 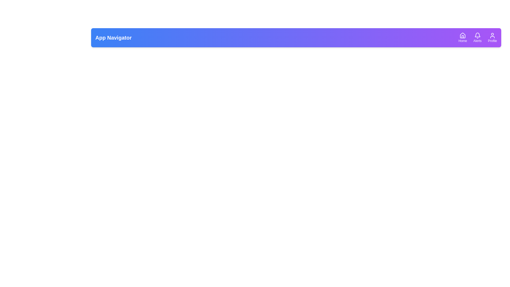 What do you see at coordinates (113, 37) in the screenshot?
I see `the static text element displaying the title 'App Navigator' in bold white font, located in the gradient rectangular header` at bounding box center [113, 37].